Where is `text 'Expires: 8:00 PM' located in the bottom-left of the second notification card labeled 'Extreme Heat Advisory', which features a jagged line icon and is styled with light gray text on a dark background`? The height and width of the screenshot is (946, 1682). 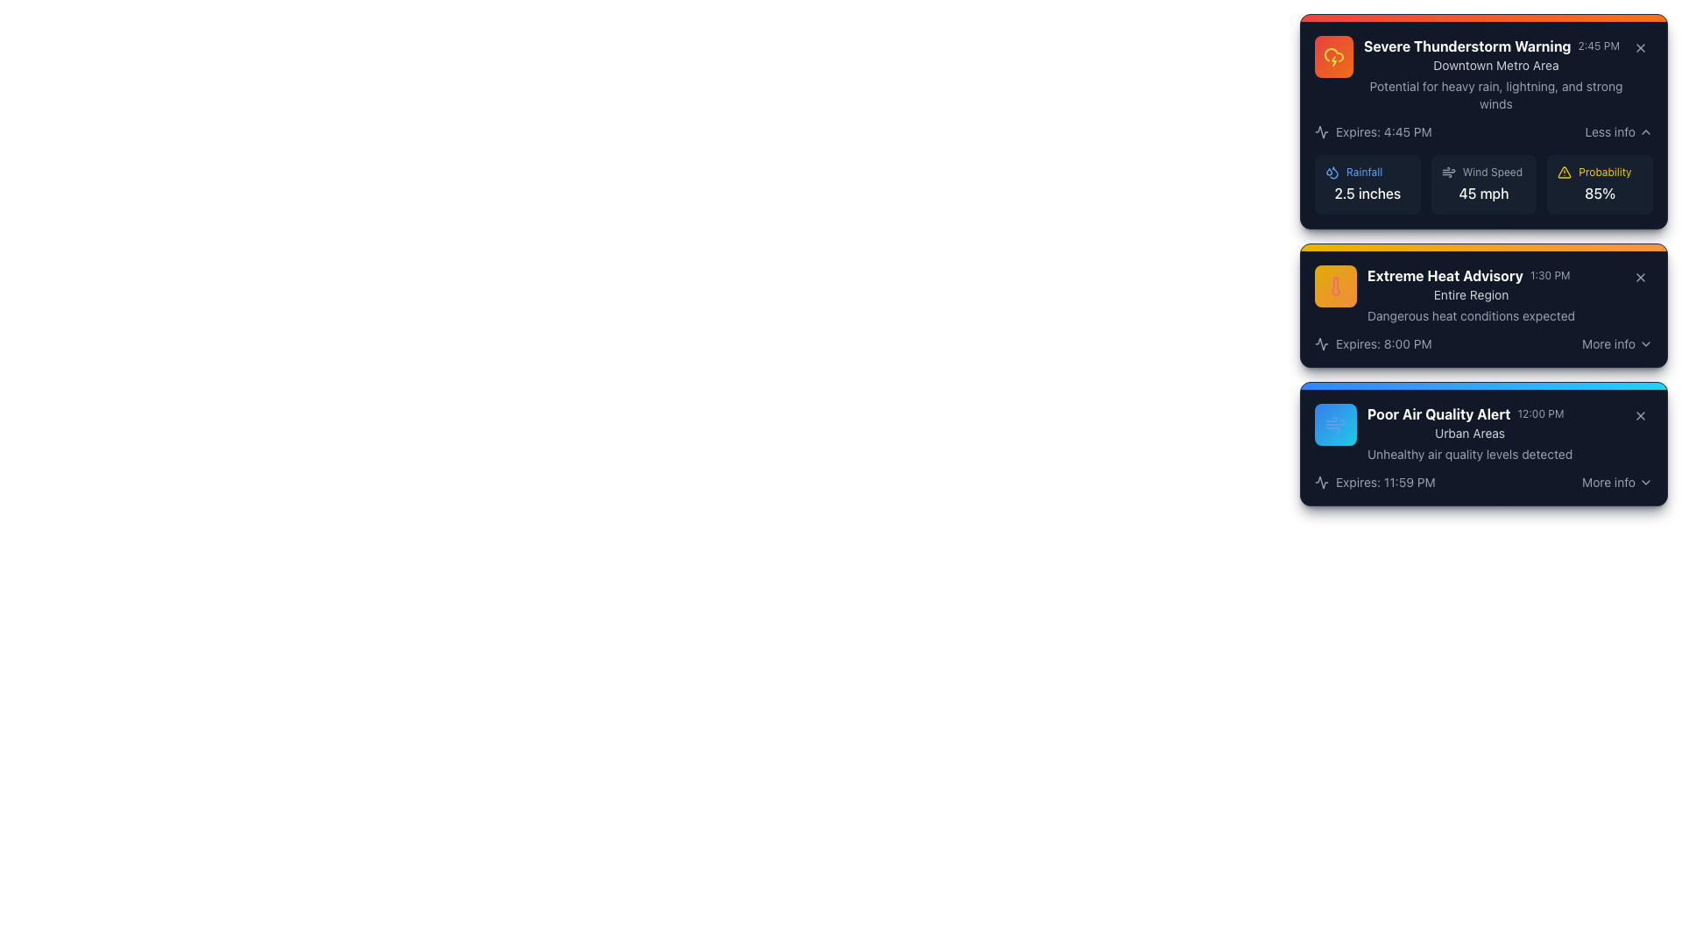
text 'Expires: 8:00 PM' located in the bottom-left of the second notification card labeled 'Extreme Heat Advisory', which features a jagged line icon and is styled with light gray text on a dark background is located at coordinates (1372, 344).